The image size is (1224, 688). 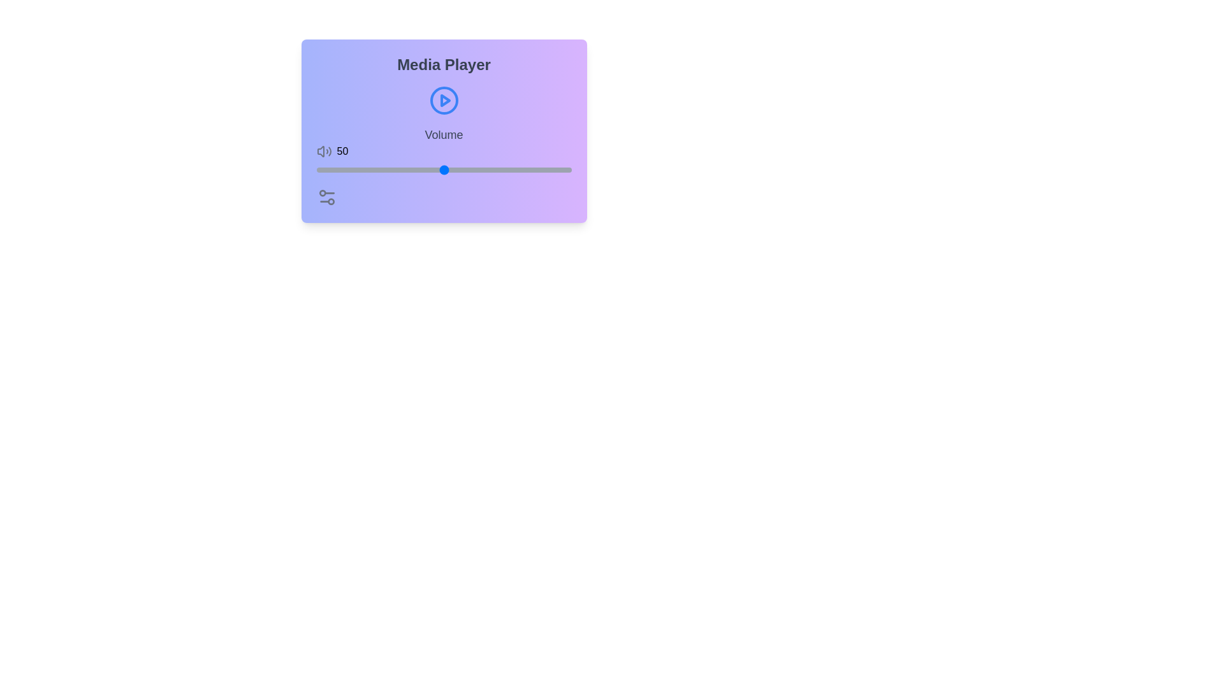 I want to click on the volume level visually on the horizontal volume slider control, which features a circular blue thumb at the center and a speaker icon with the text '50' to the left, so click(x=444, y=151).